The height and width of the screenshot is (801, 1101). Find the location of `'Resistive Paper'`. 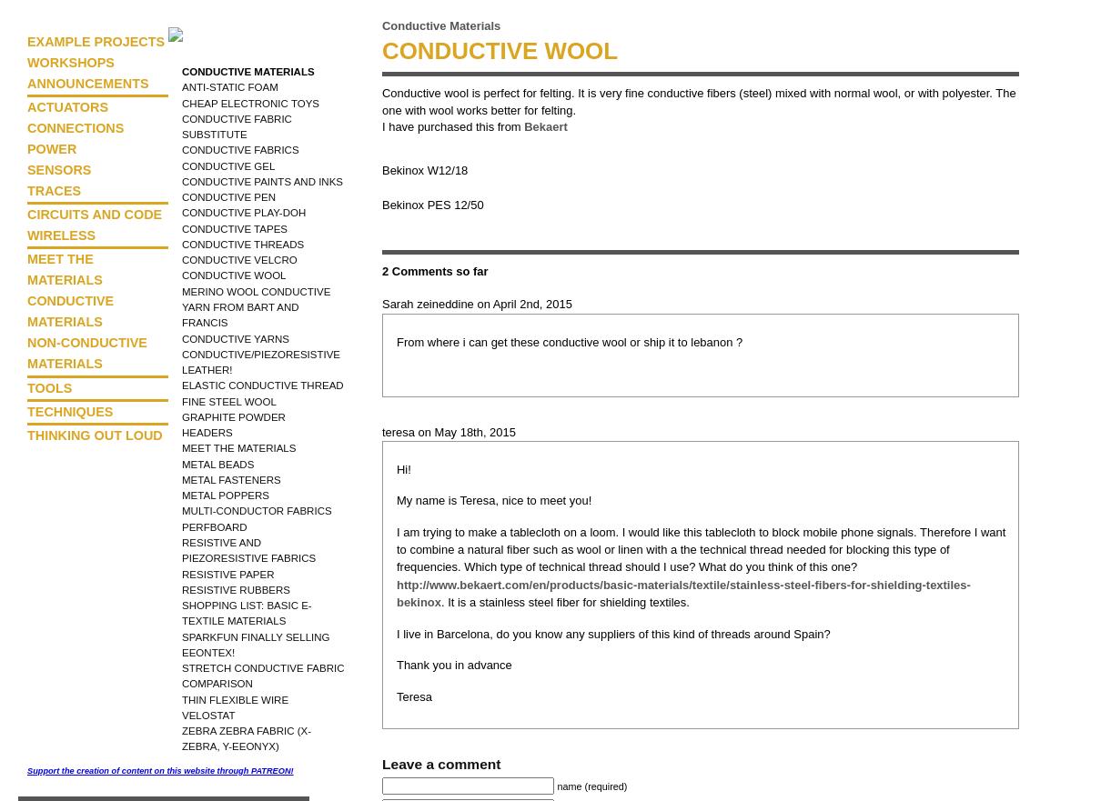

'Resistive Paper' is located at coordinates (227, 572).